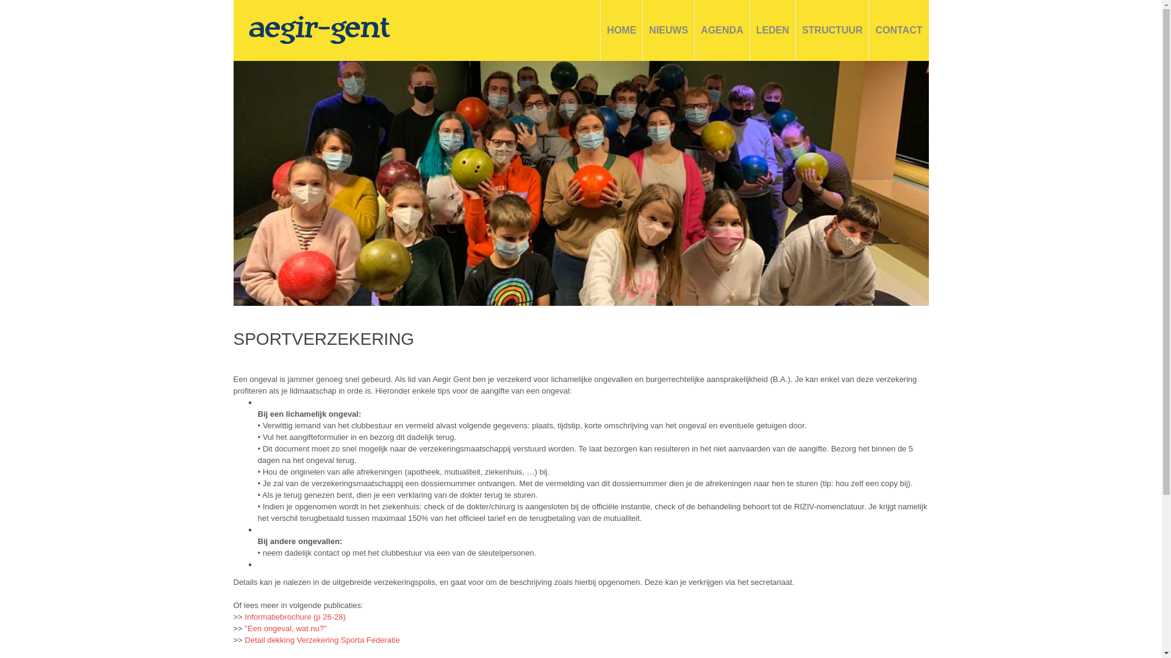 The image size is (1171, 658). What do you see at coordinates (319, 29) in the screenshot?
I see `'Aegir Gent'` at bounding box center [319, 29].